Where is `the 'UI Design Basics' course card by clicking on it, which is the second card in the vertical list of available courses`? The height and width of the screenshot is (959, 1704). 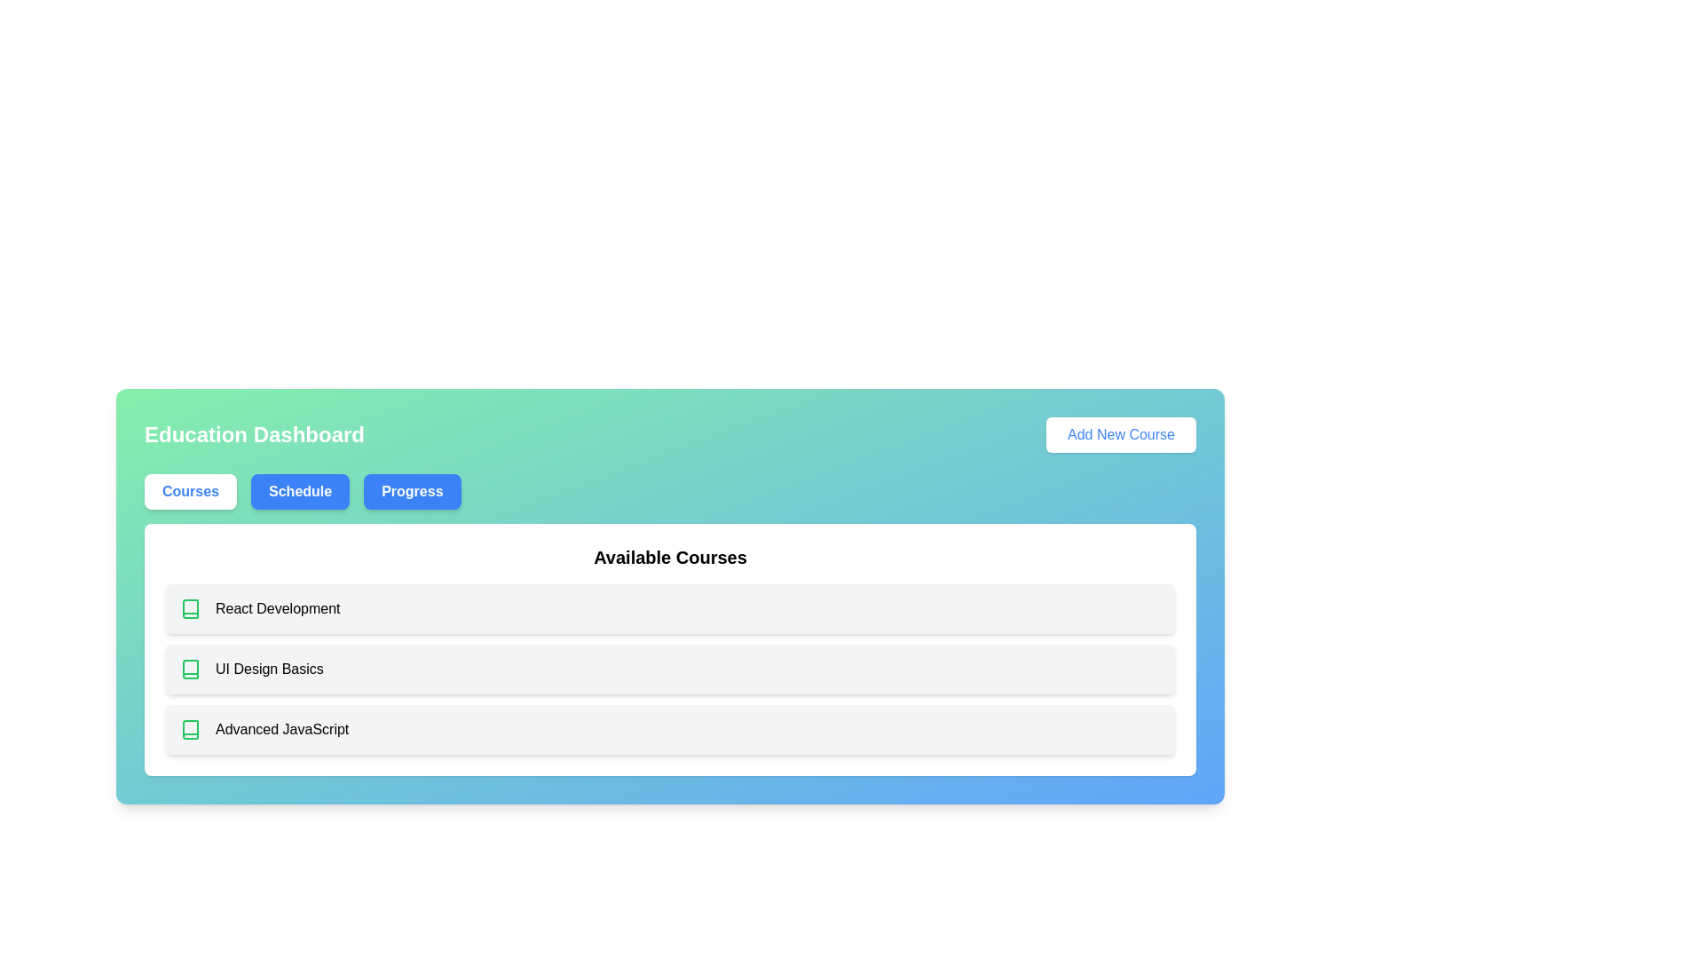 the 'UI Design Basics' course card by clicking on it, which is the second card in the vertical list of available courses is located at coordinates (669, 669).